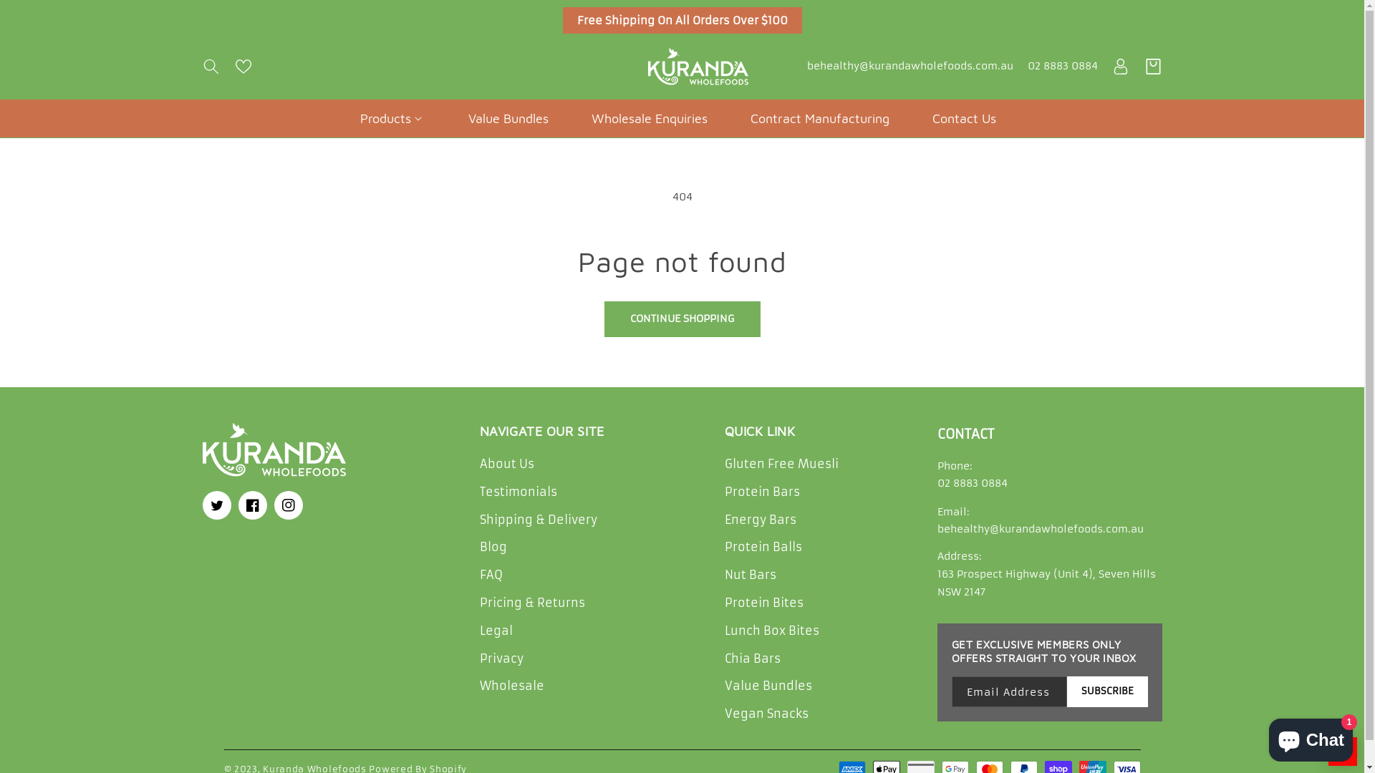  I want to click on 'About Us', so click(507, 466).